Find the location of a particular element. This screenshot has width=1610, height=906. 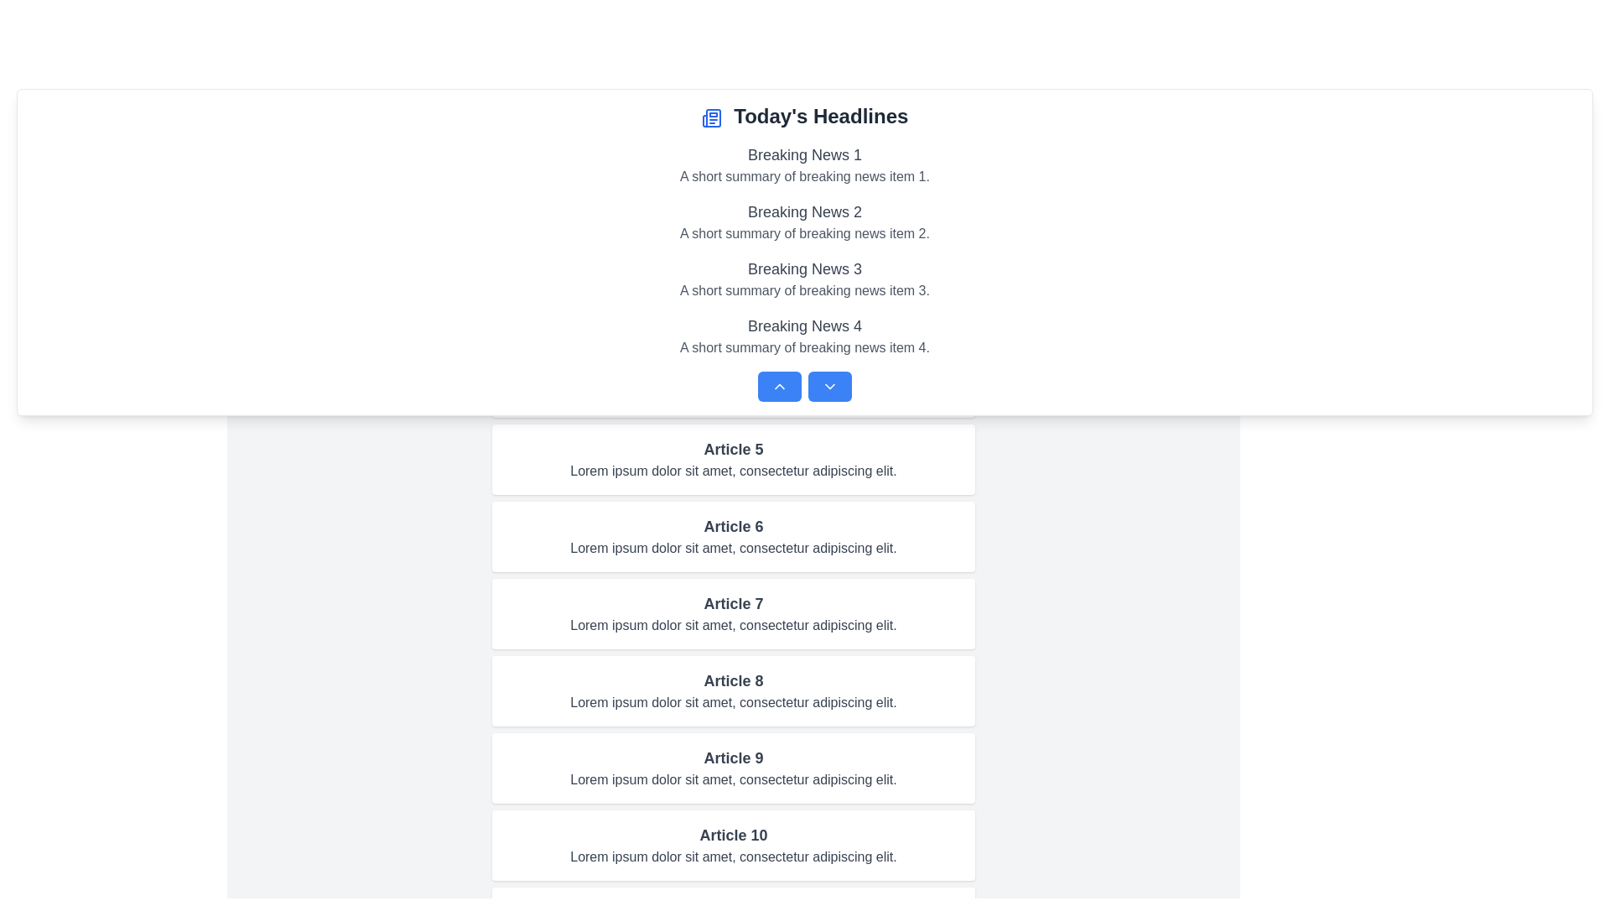

the textual block containing the headline 'Breaking News 4' and the summary 'A short summary of breaking news item 4', which is the fourth entry in the list of news items under 'Today's Headlines' is located at coordinates (805, 336).